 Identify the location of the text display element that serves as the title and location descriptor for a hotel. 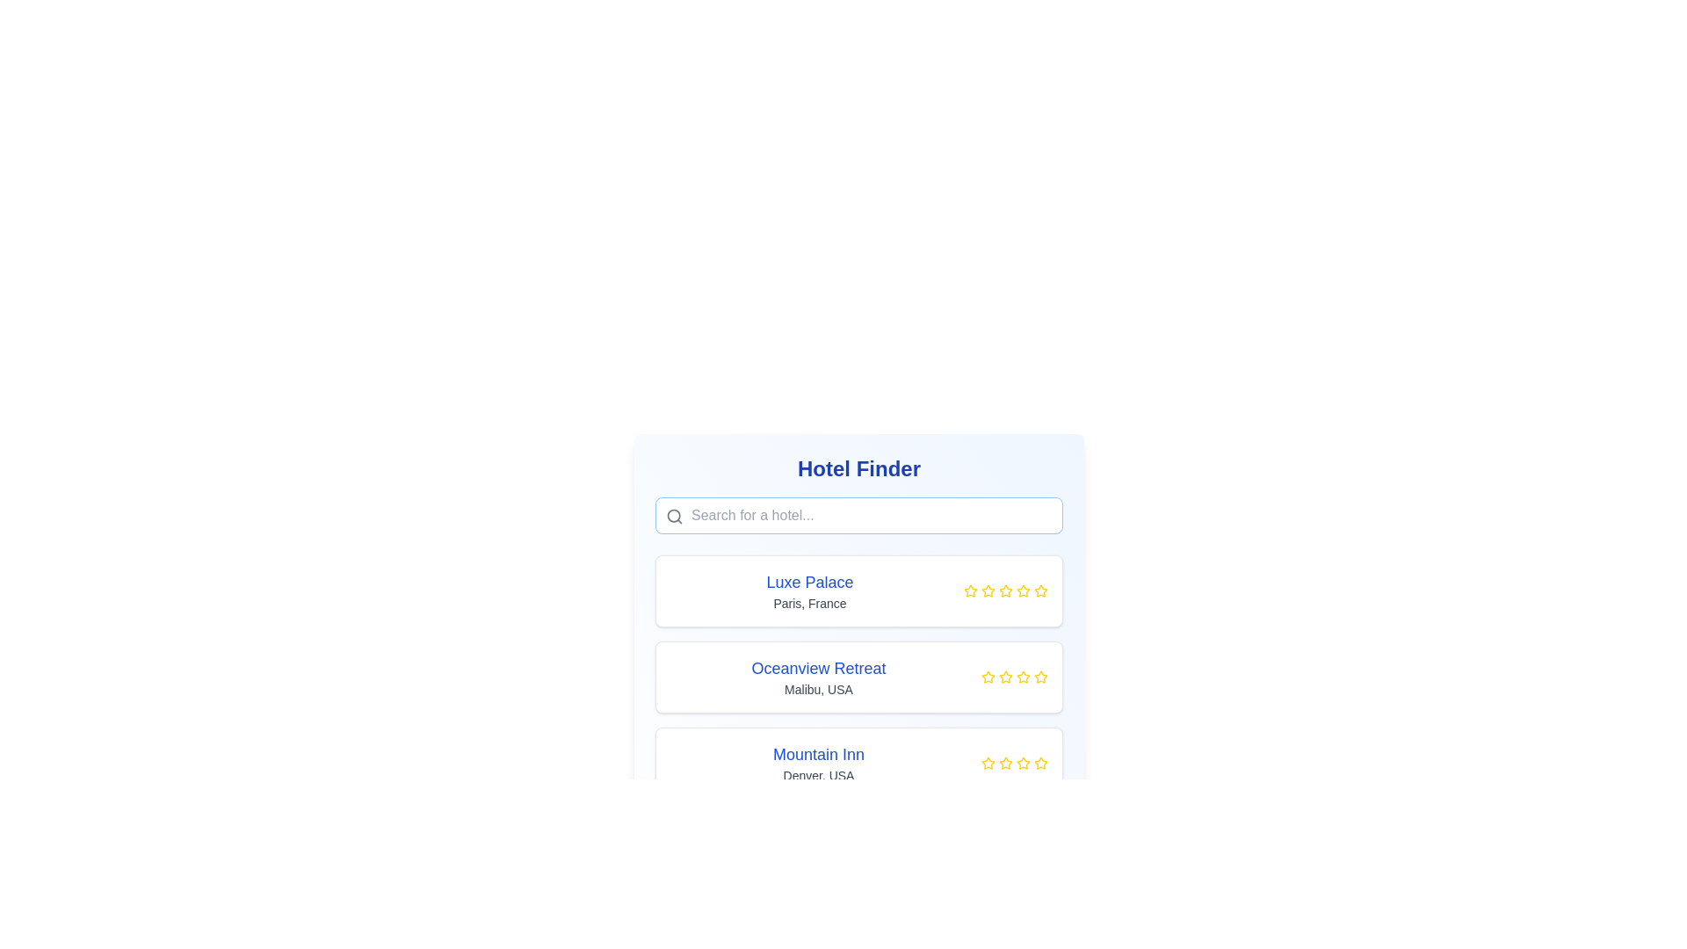
(808, 590).